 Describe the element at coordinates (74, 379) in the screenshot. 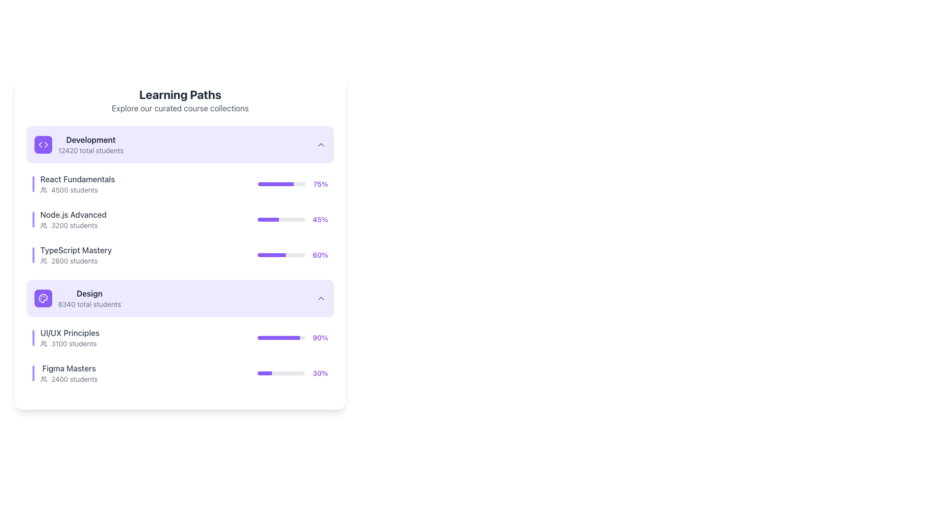

I see `the text label displaying '2400 students' which indicates the number of students enrolled in the course, located in the 'Figma Masters' subsection under the 'Design' category` at that location.